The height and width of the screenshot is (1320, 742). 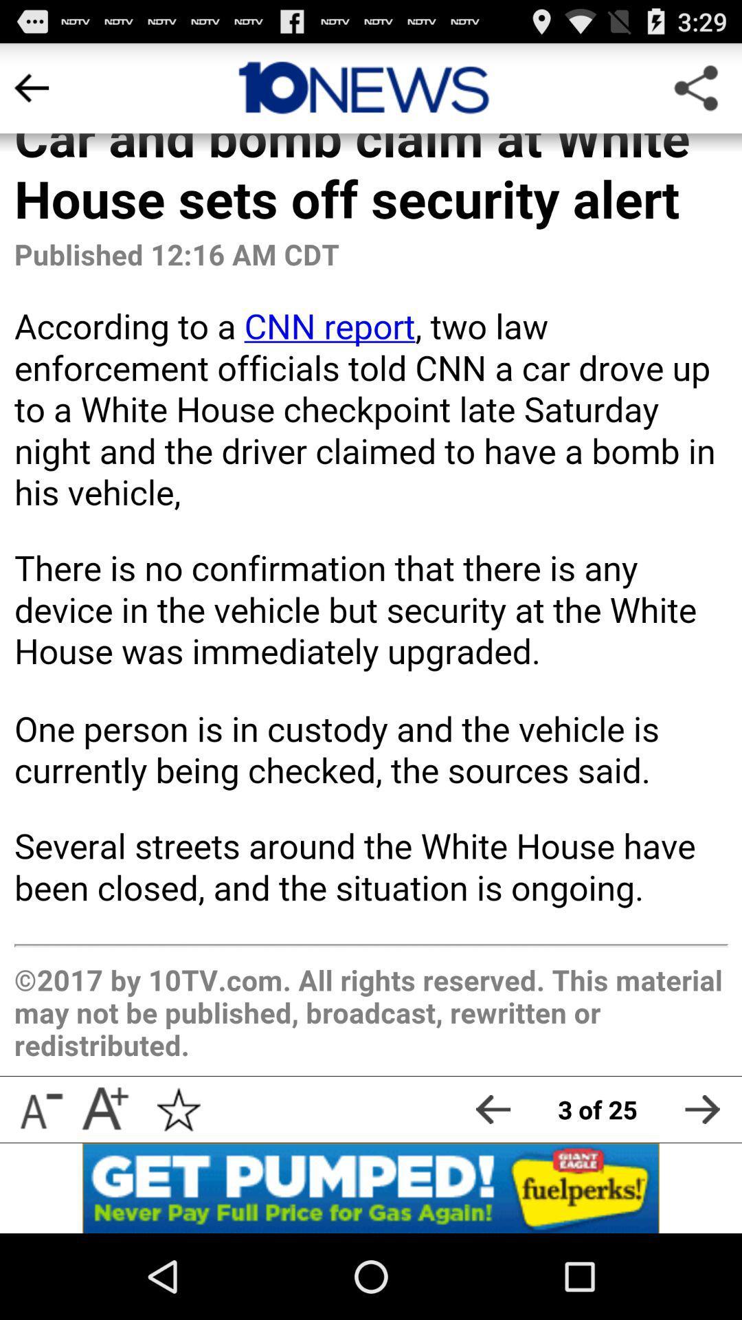 What do you see at coordinates (31, 93) in the screenshot?
I see `the arrow_backward icon` at bounding box center [31, 93].